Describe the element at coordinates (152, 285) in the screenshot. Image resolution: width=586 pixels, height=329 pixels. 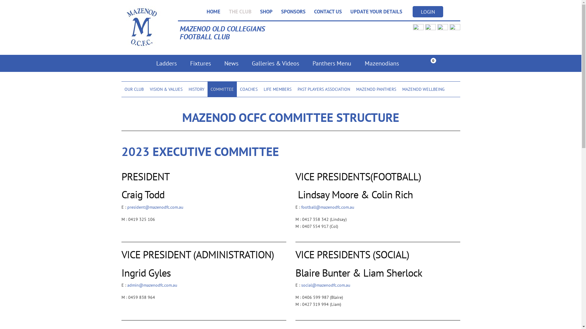
I see `'admin@mazenodfc.com.au'` at that location.